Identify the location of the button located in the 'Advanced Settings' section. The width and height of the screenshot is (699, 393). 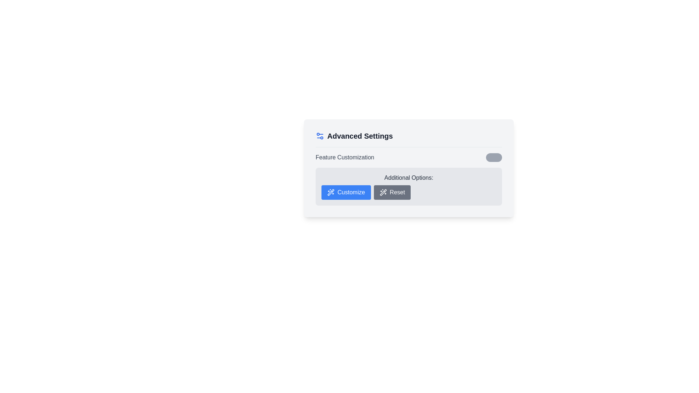
(345, 192).